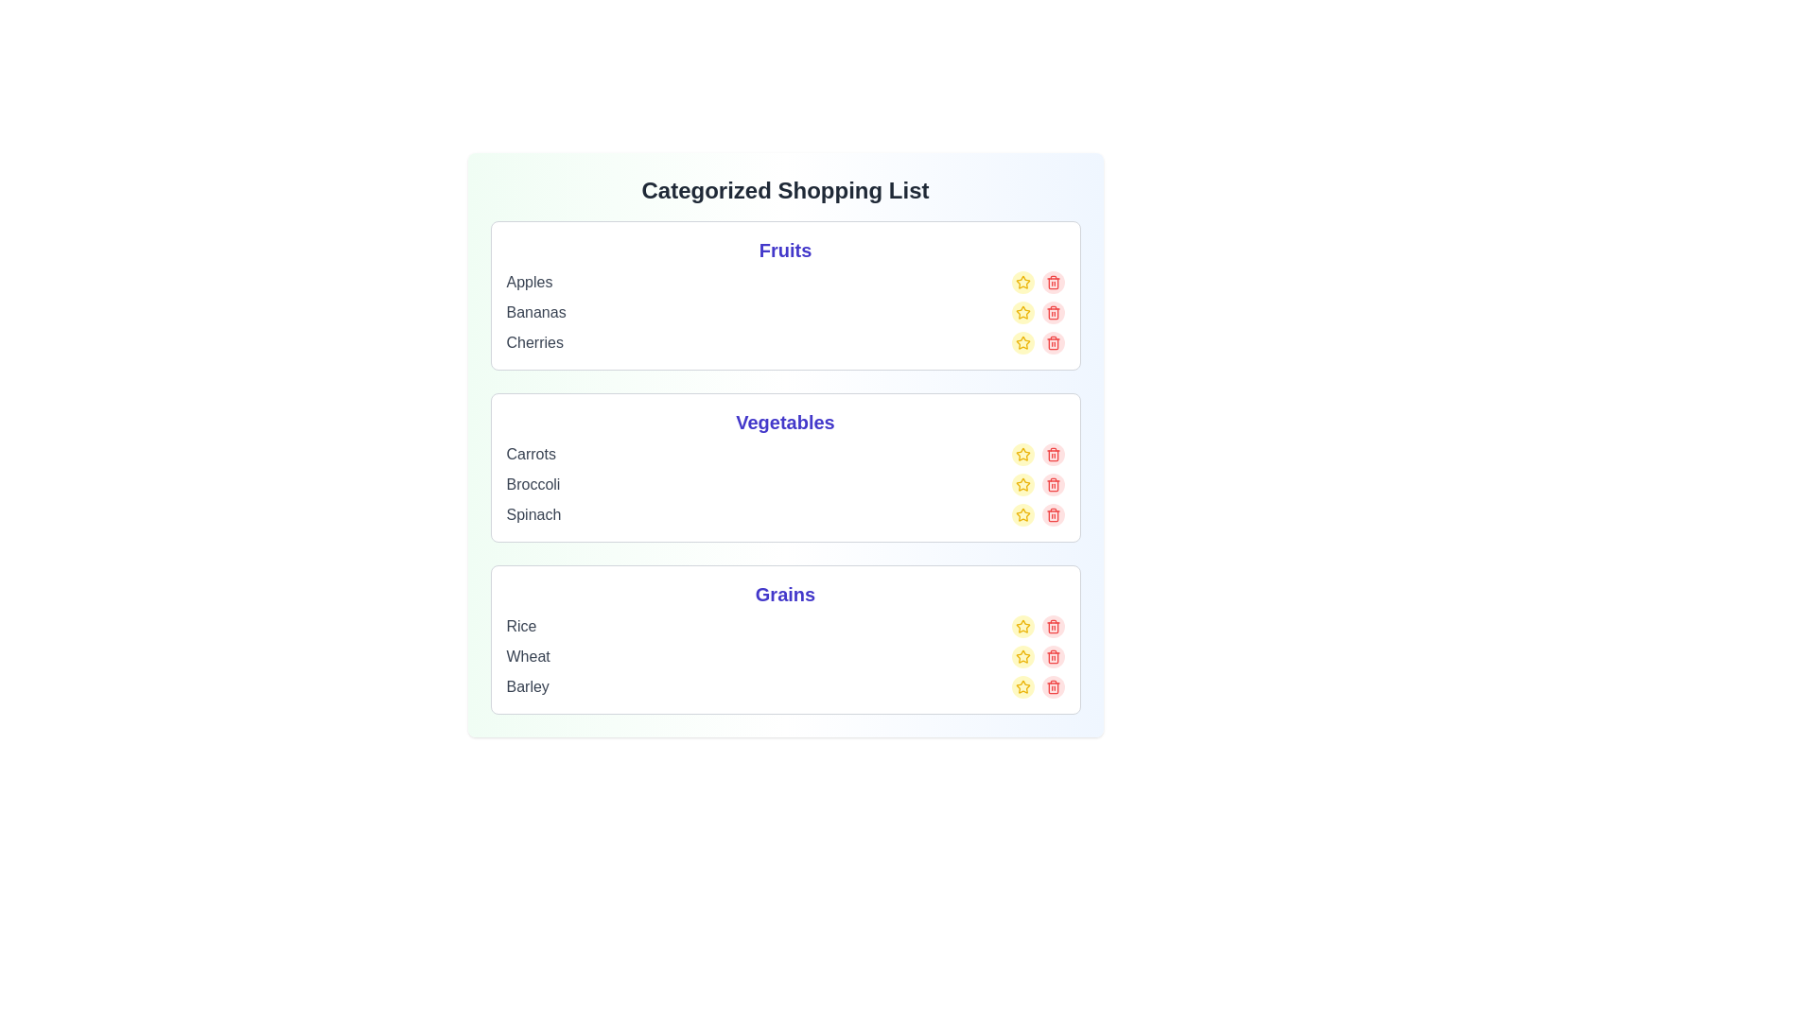 This screenshot has height=1021, width=1816. What do you see at coordinates (1021, 455) in the screenshot?
I see `the star icon of the item Carrots to mark it as favorite` at bounding box center [1021, 455].